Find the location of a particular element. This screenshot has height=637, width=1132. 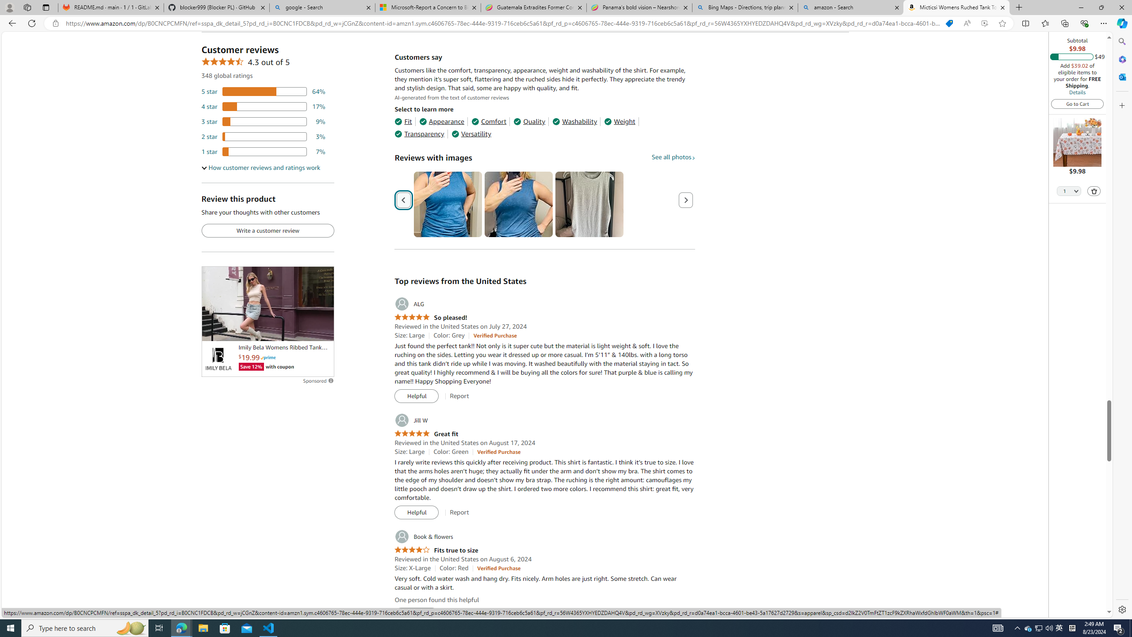

'Write a customer review' is located at coordinates (267, 230).